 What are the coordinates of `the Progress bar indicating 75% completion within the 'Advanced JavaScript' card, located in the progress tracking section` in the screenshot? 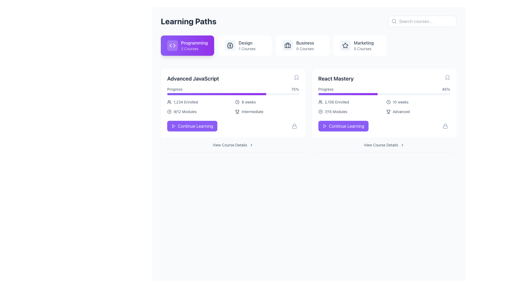 It's located at (217, 94).